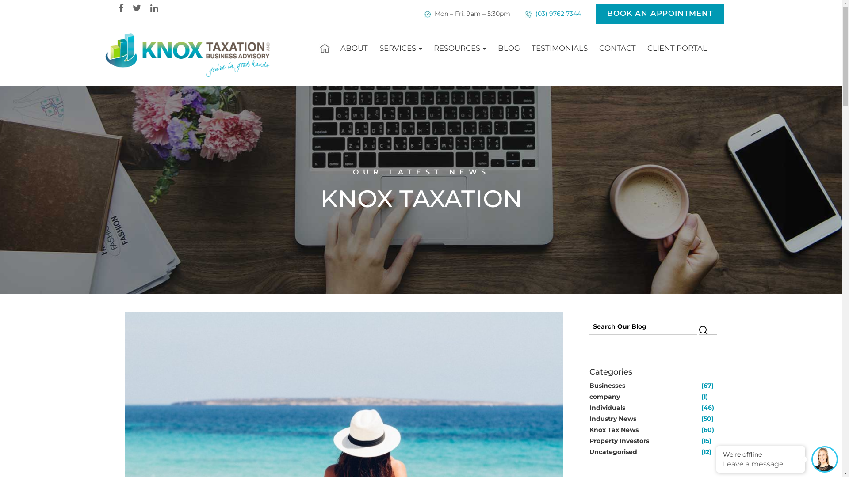 Image resolution: width=849 pixels, height=477 pixels. I want to click on 'Property Investors', so click(644, 441).